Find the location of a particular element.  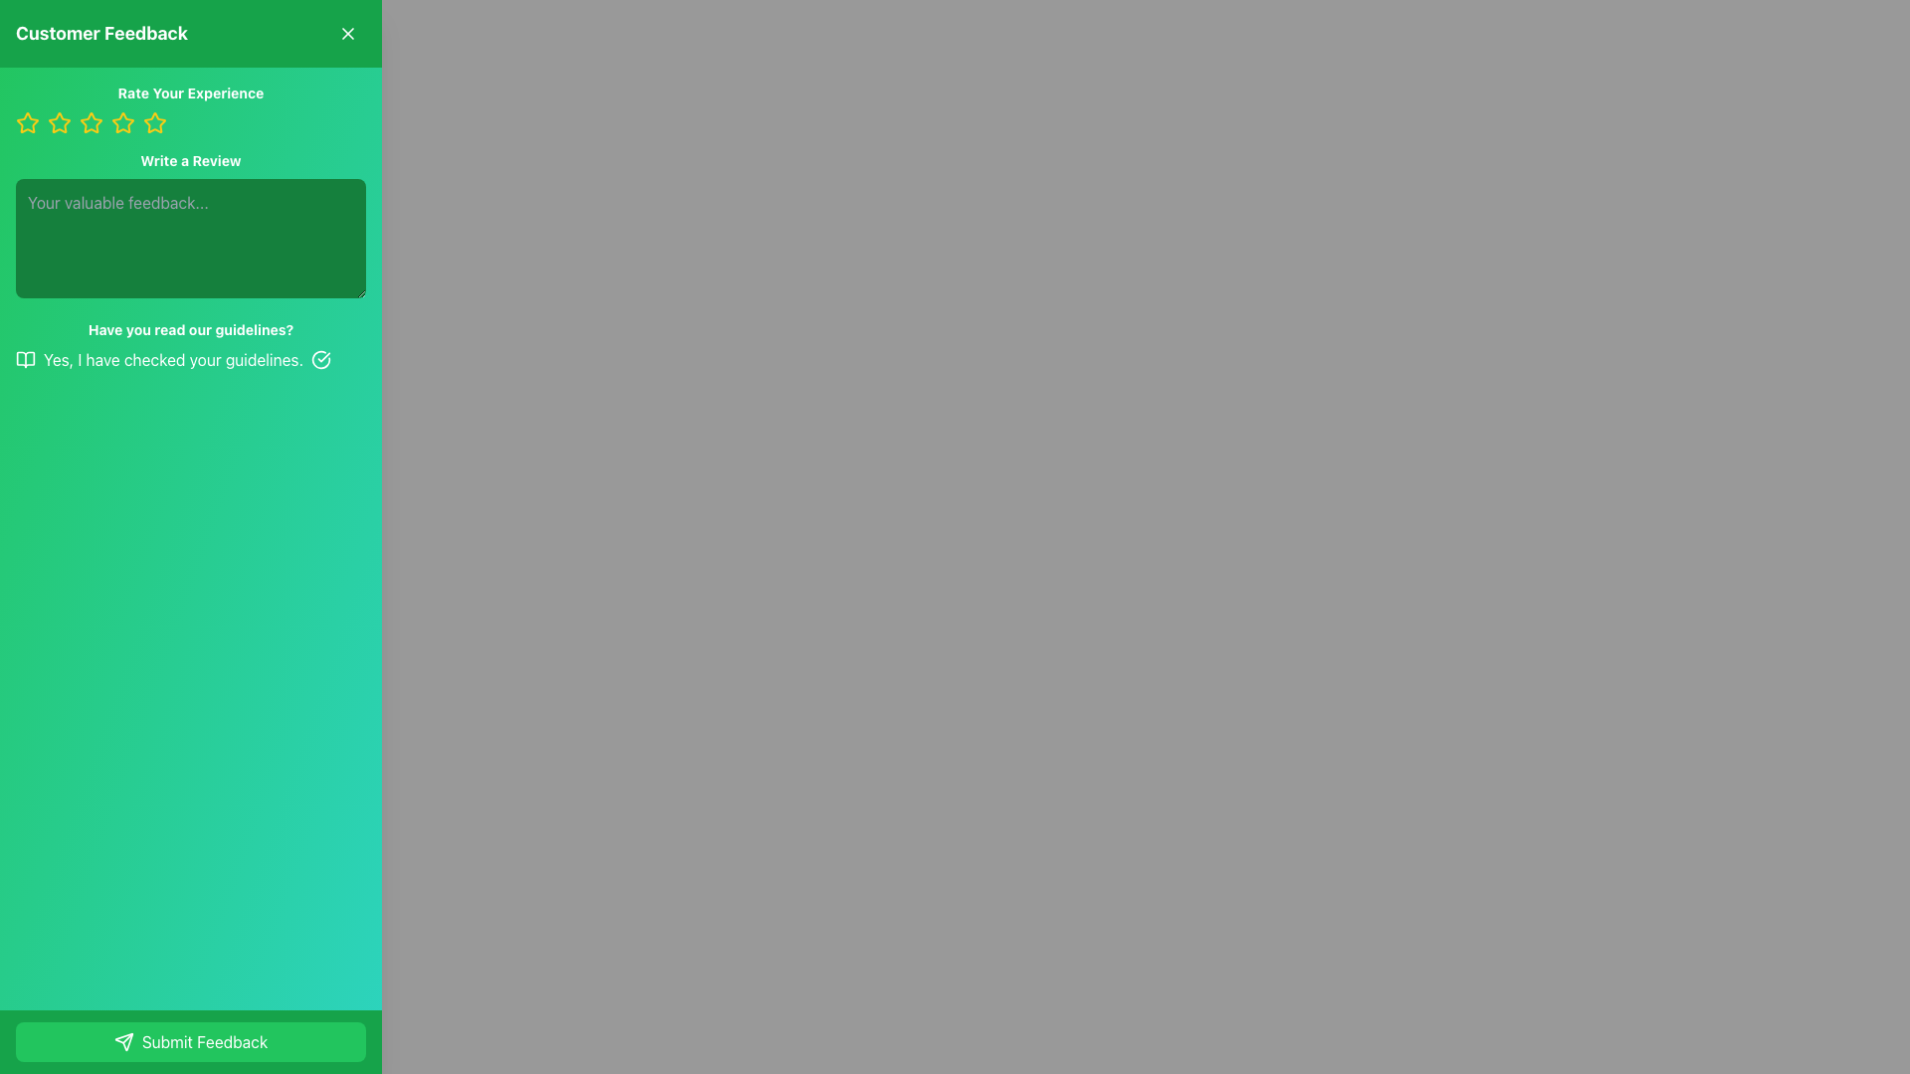

the second yellow star icon in the horizontal row of rating stars located at the top of the green feedback panel to rate is located at coordinates (154, 122).